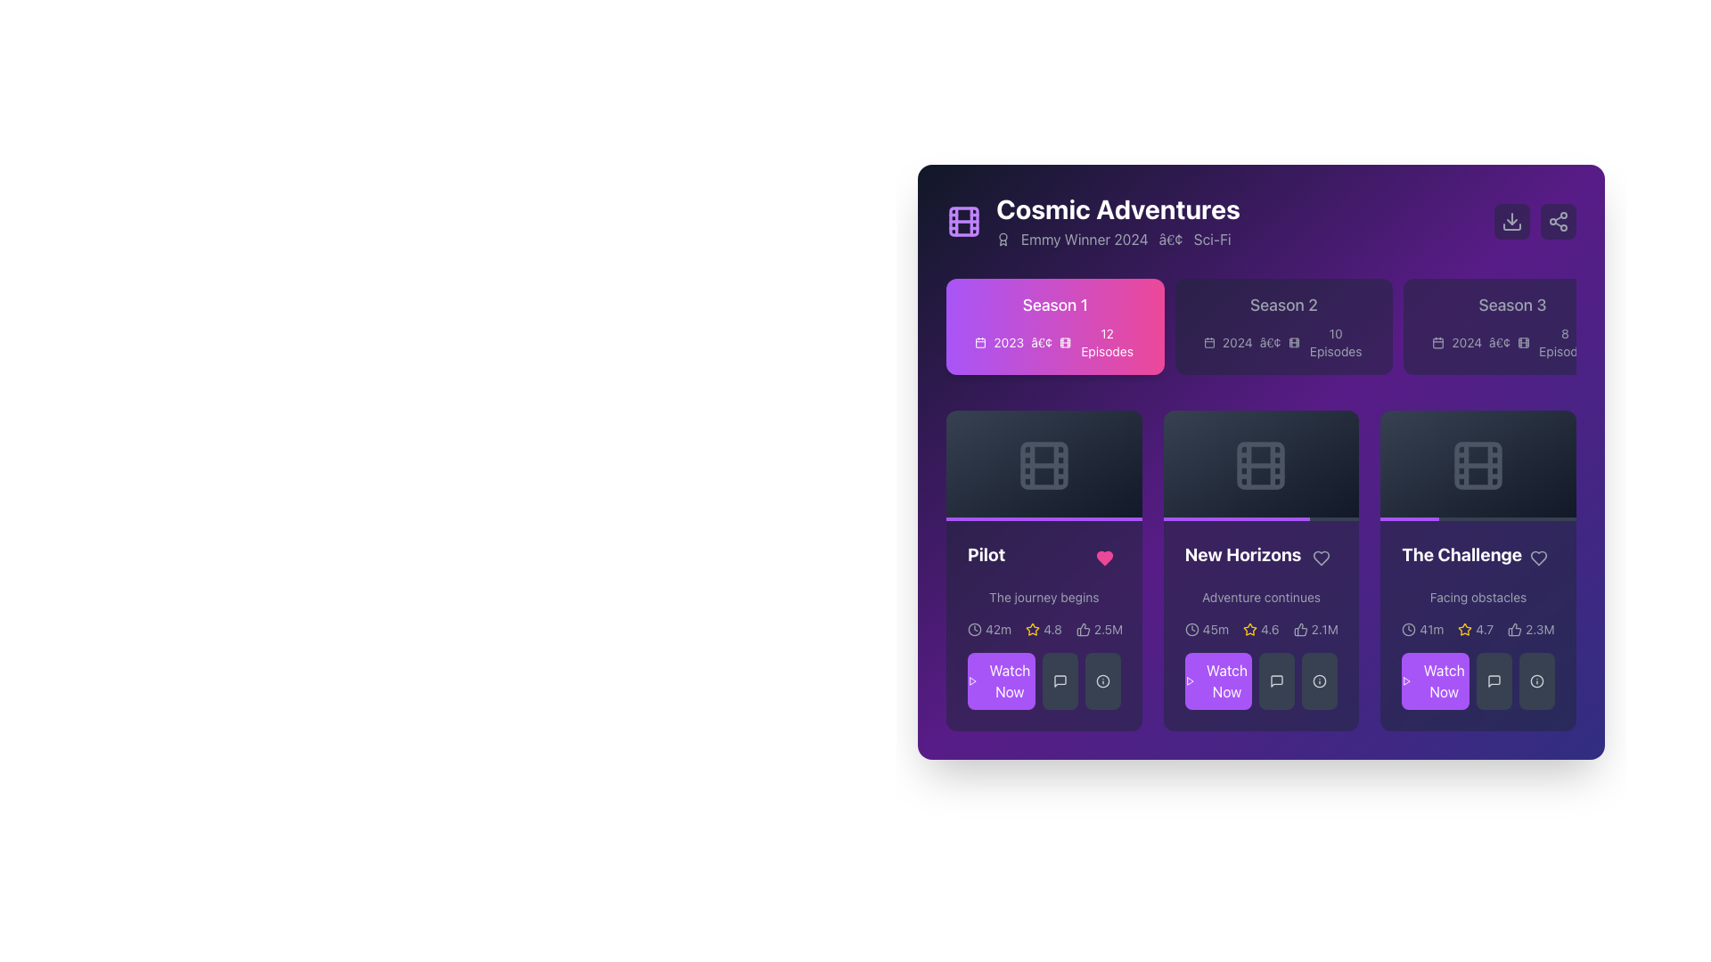 This screenshot has height=962, width=1711. I want to click on the interactive call-to-action button located in the lower left corner of the 'New Horizons' episode card within the 'Cosmic Adventures' series, so click(1217, 681).